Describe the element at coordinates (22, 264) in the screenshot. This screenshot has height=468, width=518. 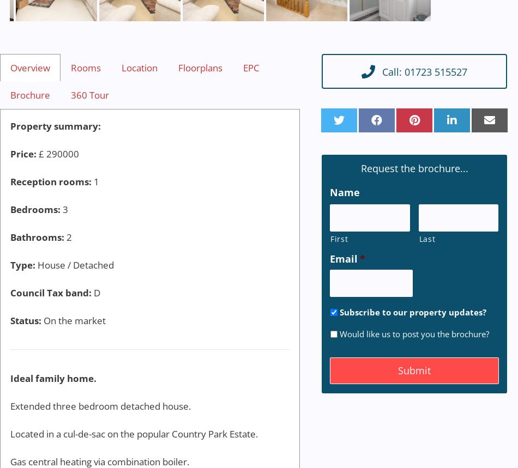
I see `'Type:'` at that location.